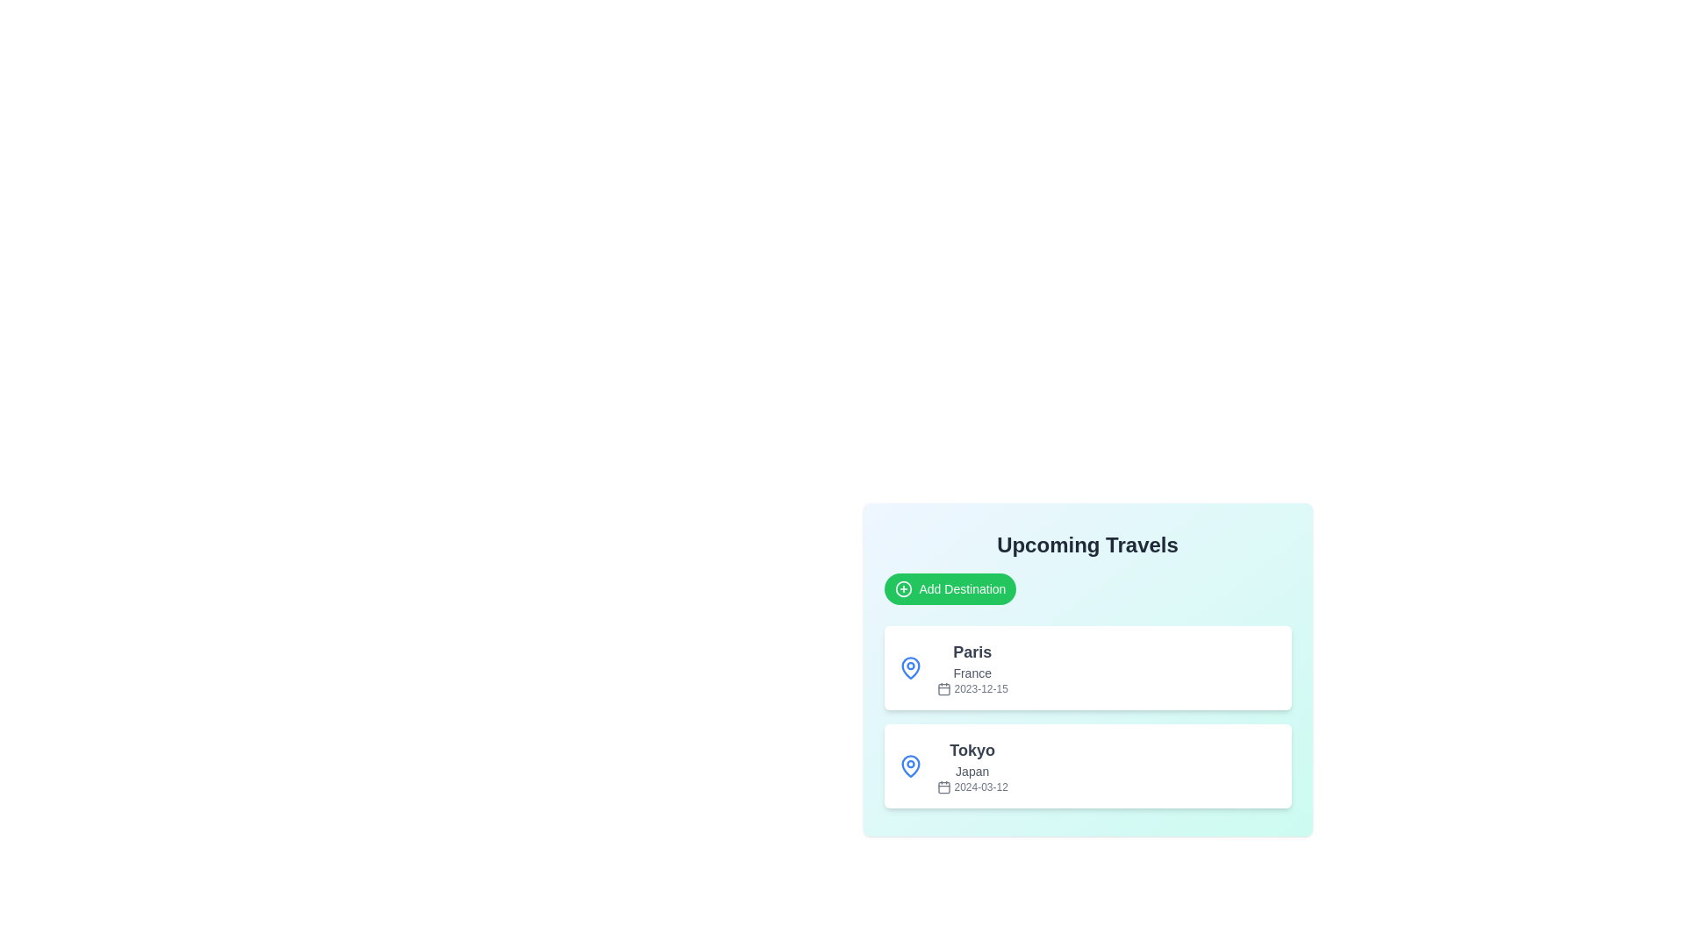 This screenshot has height=947, width=1685. Describe the element at coordinates (949, 588) in the screenshot. I see `the 'Add Destination' button` at that location.